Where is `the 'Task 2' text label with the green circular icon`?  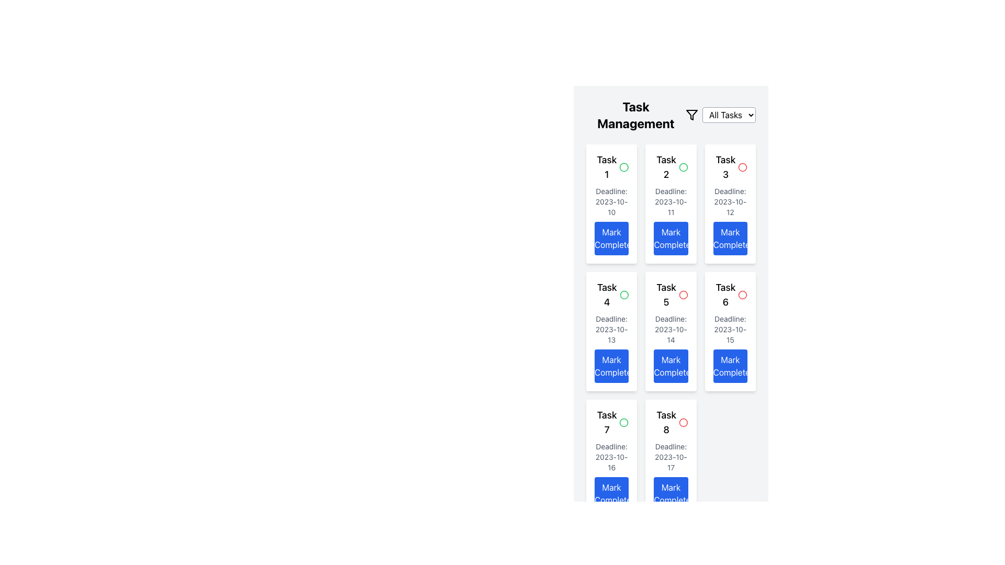 the 'Task 2' text label with the green circular icon is located at coordinates (671, 167).